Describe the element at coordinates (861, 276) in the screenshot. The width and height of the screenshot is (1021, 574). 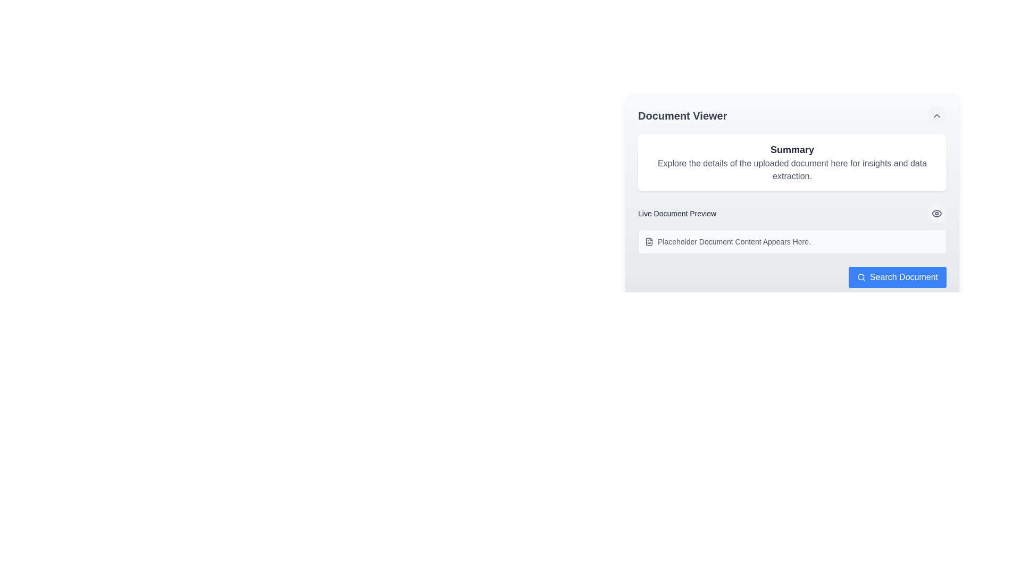
I see `the circular graphical component within the search icon located at the bottom-right corner of the Document Viewer interface` at that location.